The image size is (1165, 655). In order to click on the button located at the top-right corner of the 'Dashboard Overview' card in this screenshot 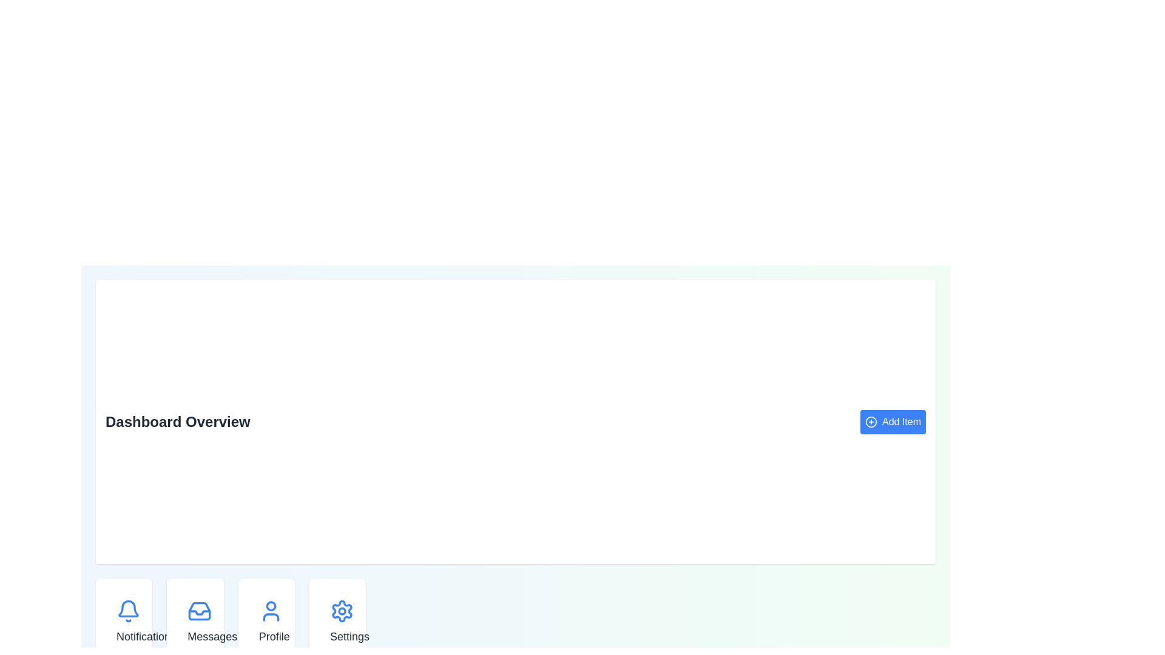, I will do `click(893, 421)`.